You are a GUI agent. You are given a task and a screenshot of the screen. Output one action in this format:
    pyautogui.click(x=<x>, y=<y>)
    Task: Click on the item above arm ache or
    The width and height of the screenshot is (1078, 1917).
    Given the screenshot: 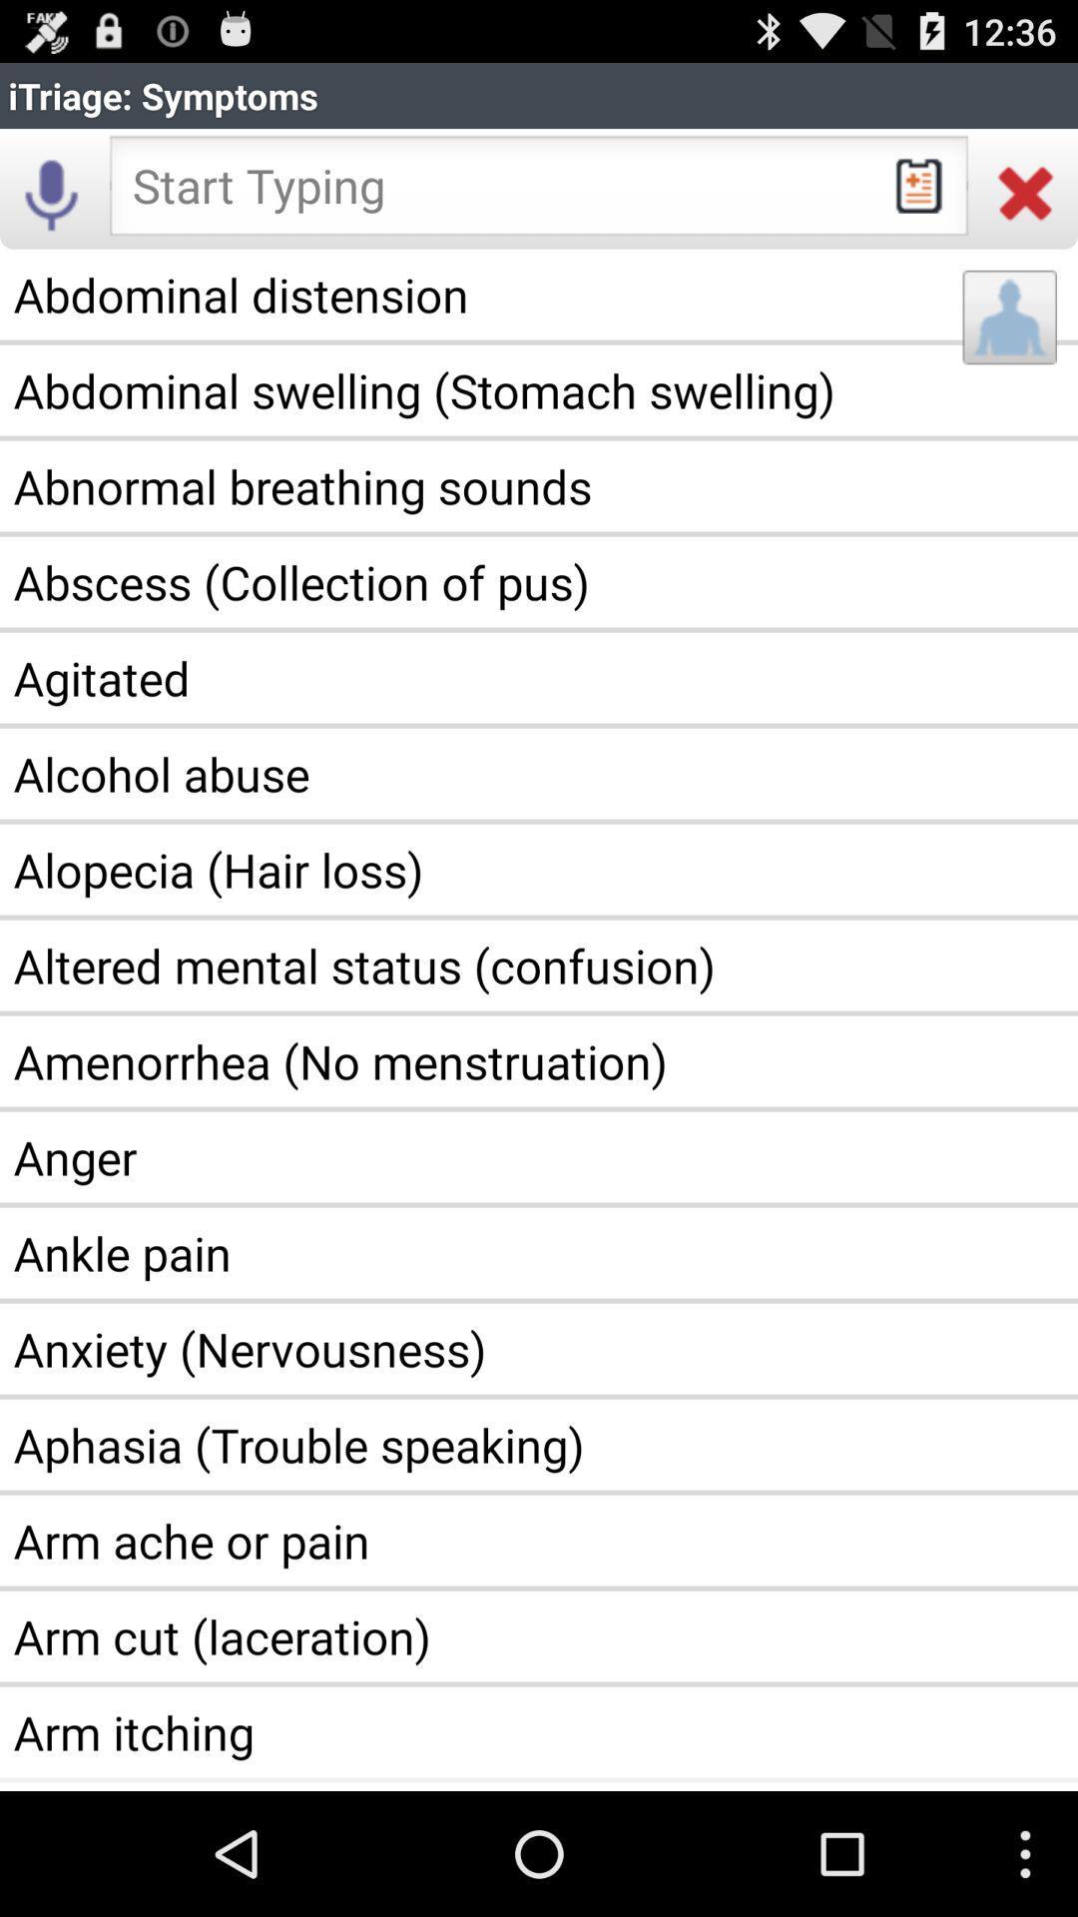 What is the action you would take?
    pyautogui.click(x=539, y=1445)
    